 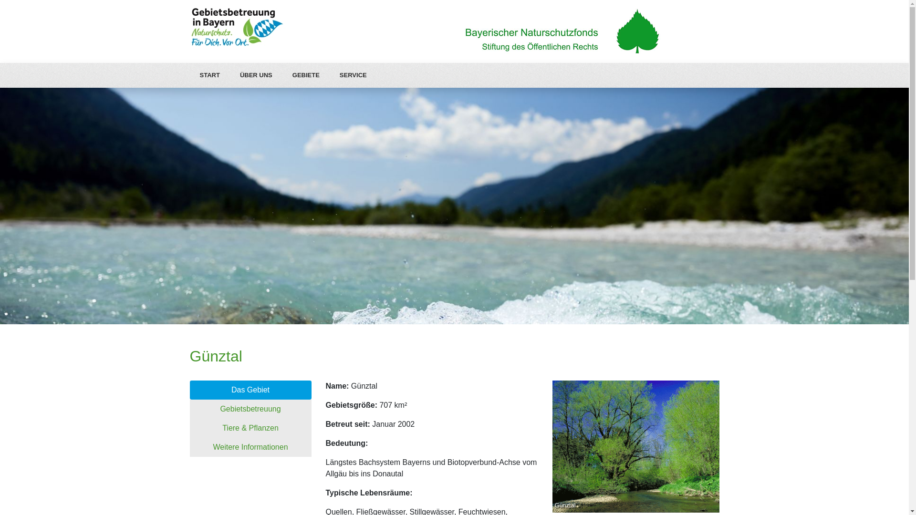 What do you see at coordinates (250, 428) in the screenshot?
I see `'Tiere & Pflanzen'` at bounding box center [250, 428].